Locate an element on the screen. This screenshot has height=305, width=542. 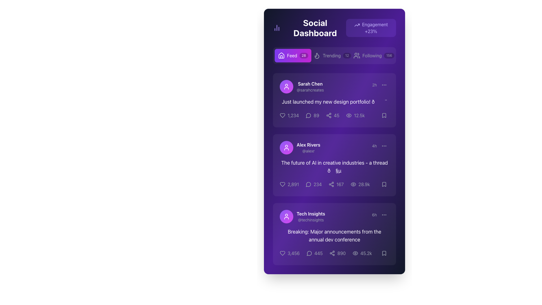
the User Profile Header which includes the profile picture icon and the name 'Tech Insights' to select the text is located at coordinates (302, 216).